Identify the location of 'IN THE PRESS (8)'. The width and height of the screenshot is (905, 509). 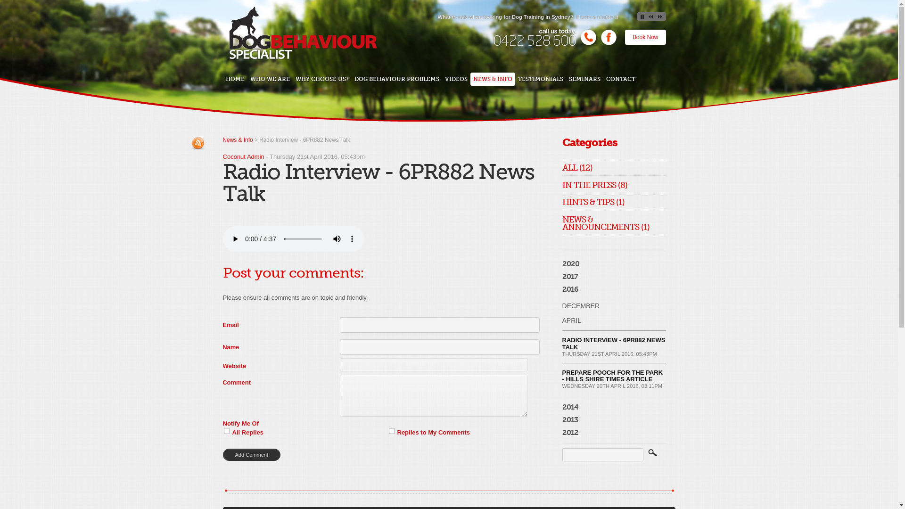
(594, 187).